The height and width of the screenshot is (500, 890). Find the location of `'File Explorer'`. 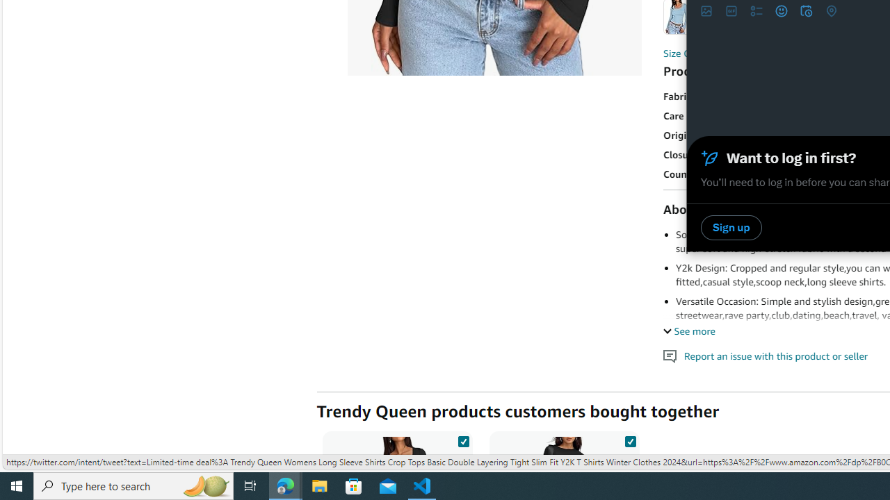

'File Explorer' is located at coordinates (319, 485).